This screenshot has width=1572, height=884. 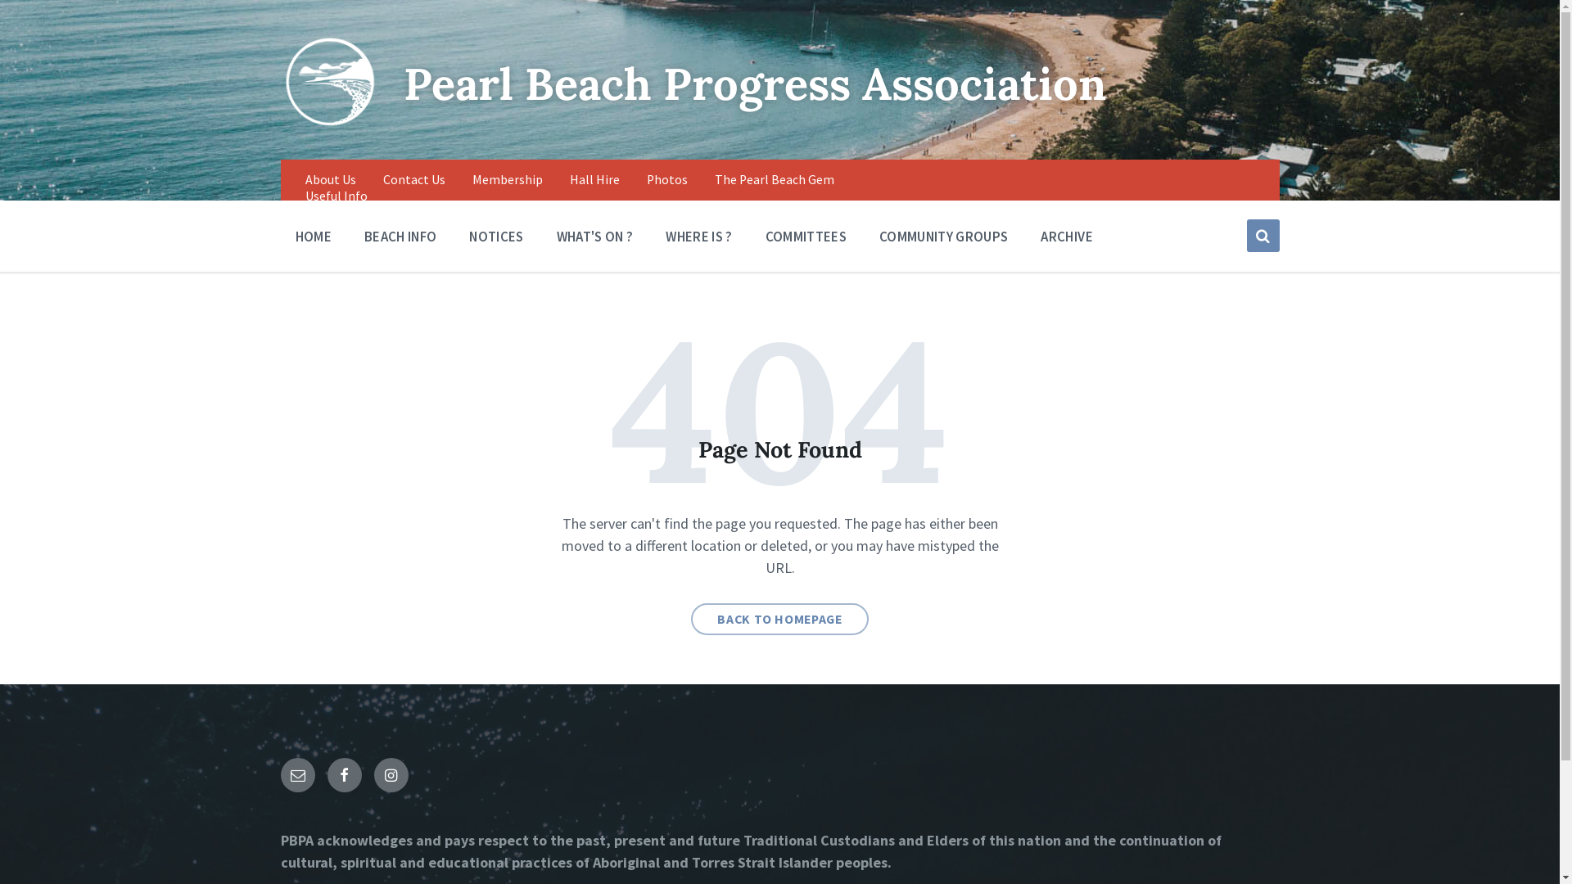 What do you see at coordinates (334, 195) in the screenshot?
I see `'Useful Info'` at bounding box center [334, 195].